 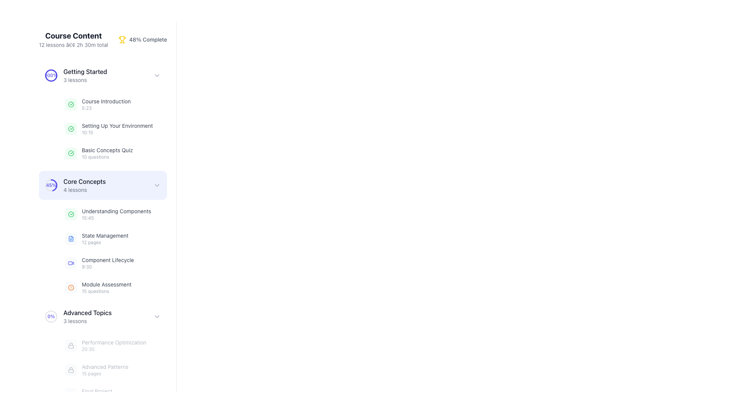 What do you see at coordinates (113, 287) in the screenshot?
I see `the 'Module Assessment' button, which is the fourth item under the 'Core Concepts' section, to change its background color` at bounding box center [113, 287].